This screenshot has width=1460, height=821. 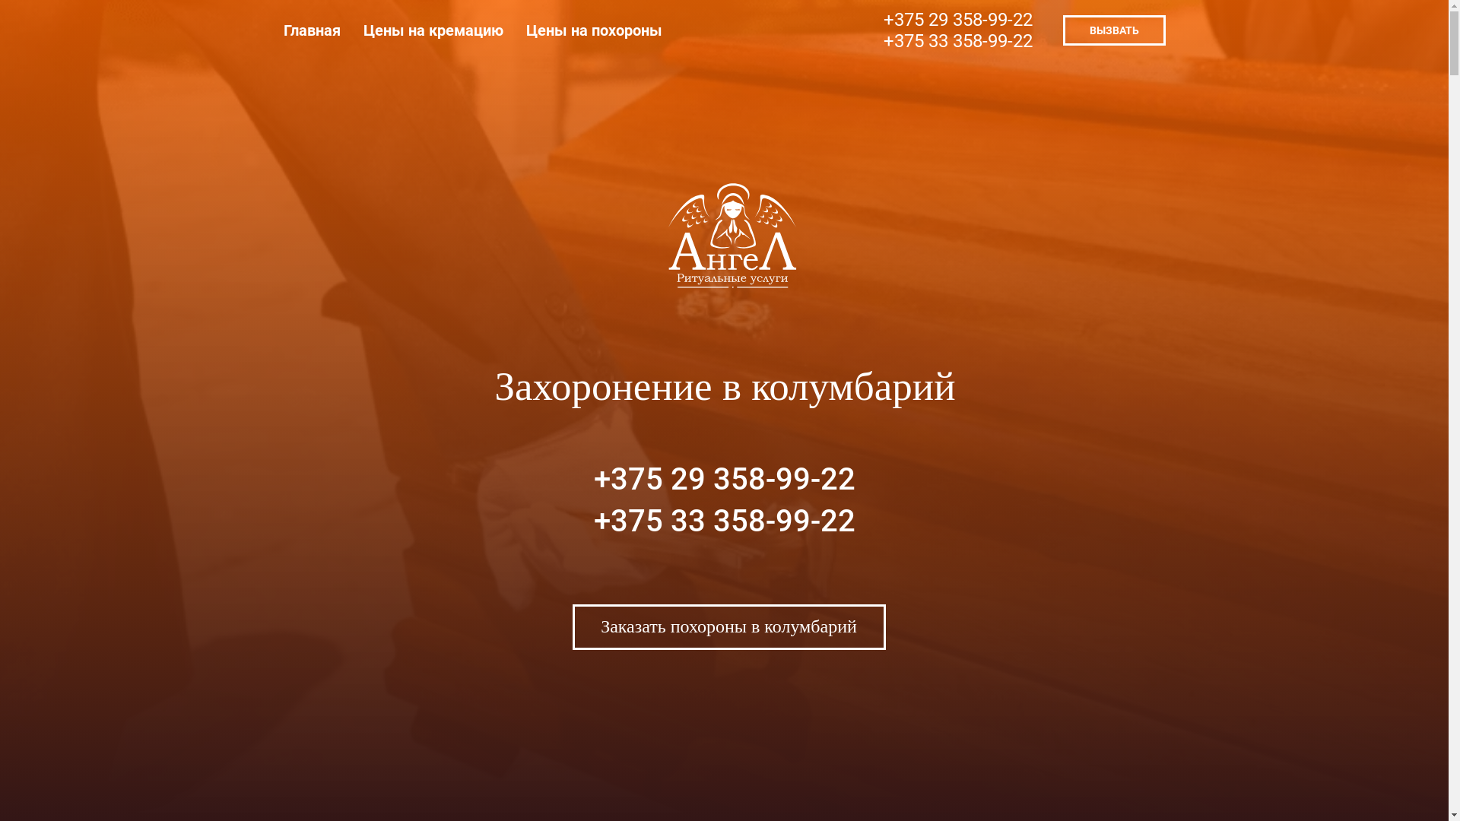 What do you see at coordinates (957, 40) in the screenshot?
I see `'+375 33 358-99-22'` at bounding box center [957, 40].